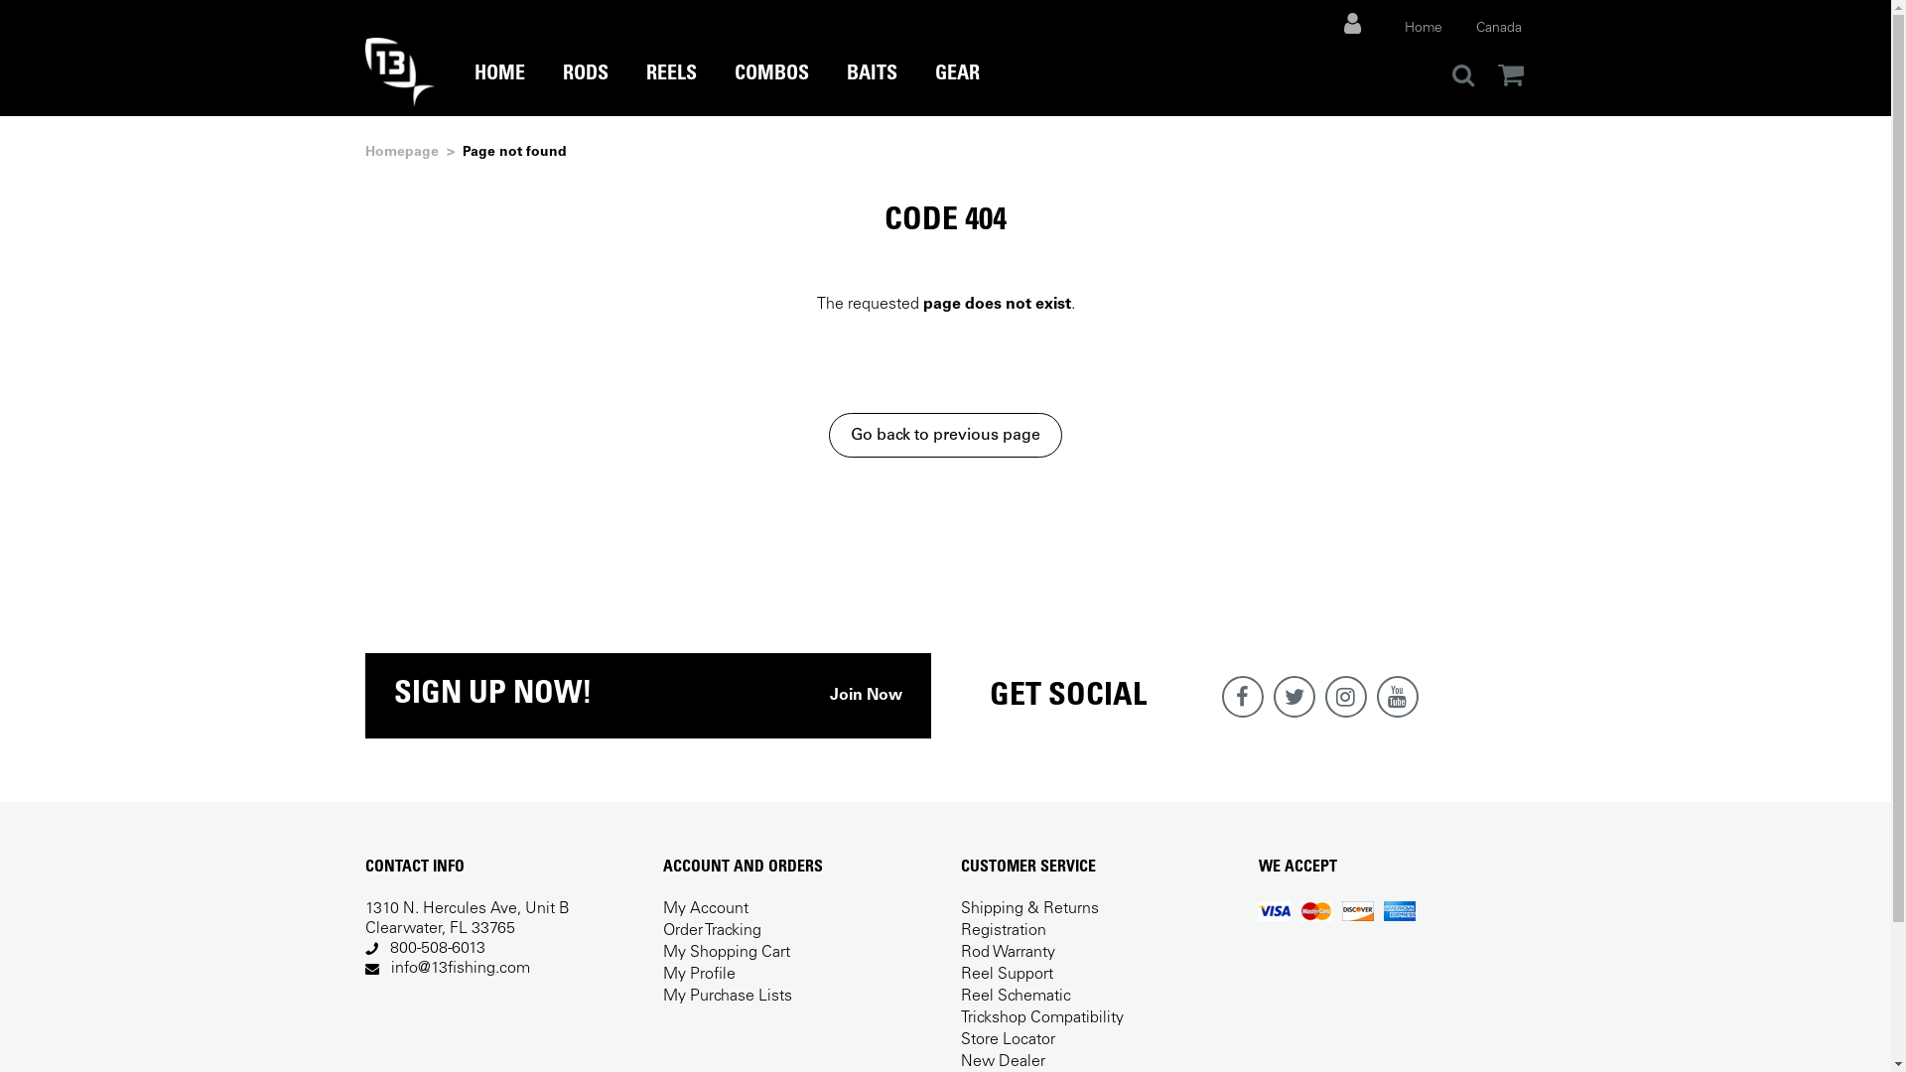 The image size is (1906, 1072). What do you see at coordinates (1004, 930) in the screenshot?
I see `'Registration'` at bounding box center [1004, 930].